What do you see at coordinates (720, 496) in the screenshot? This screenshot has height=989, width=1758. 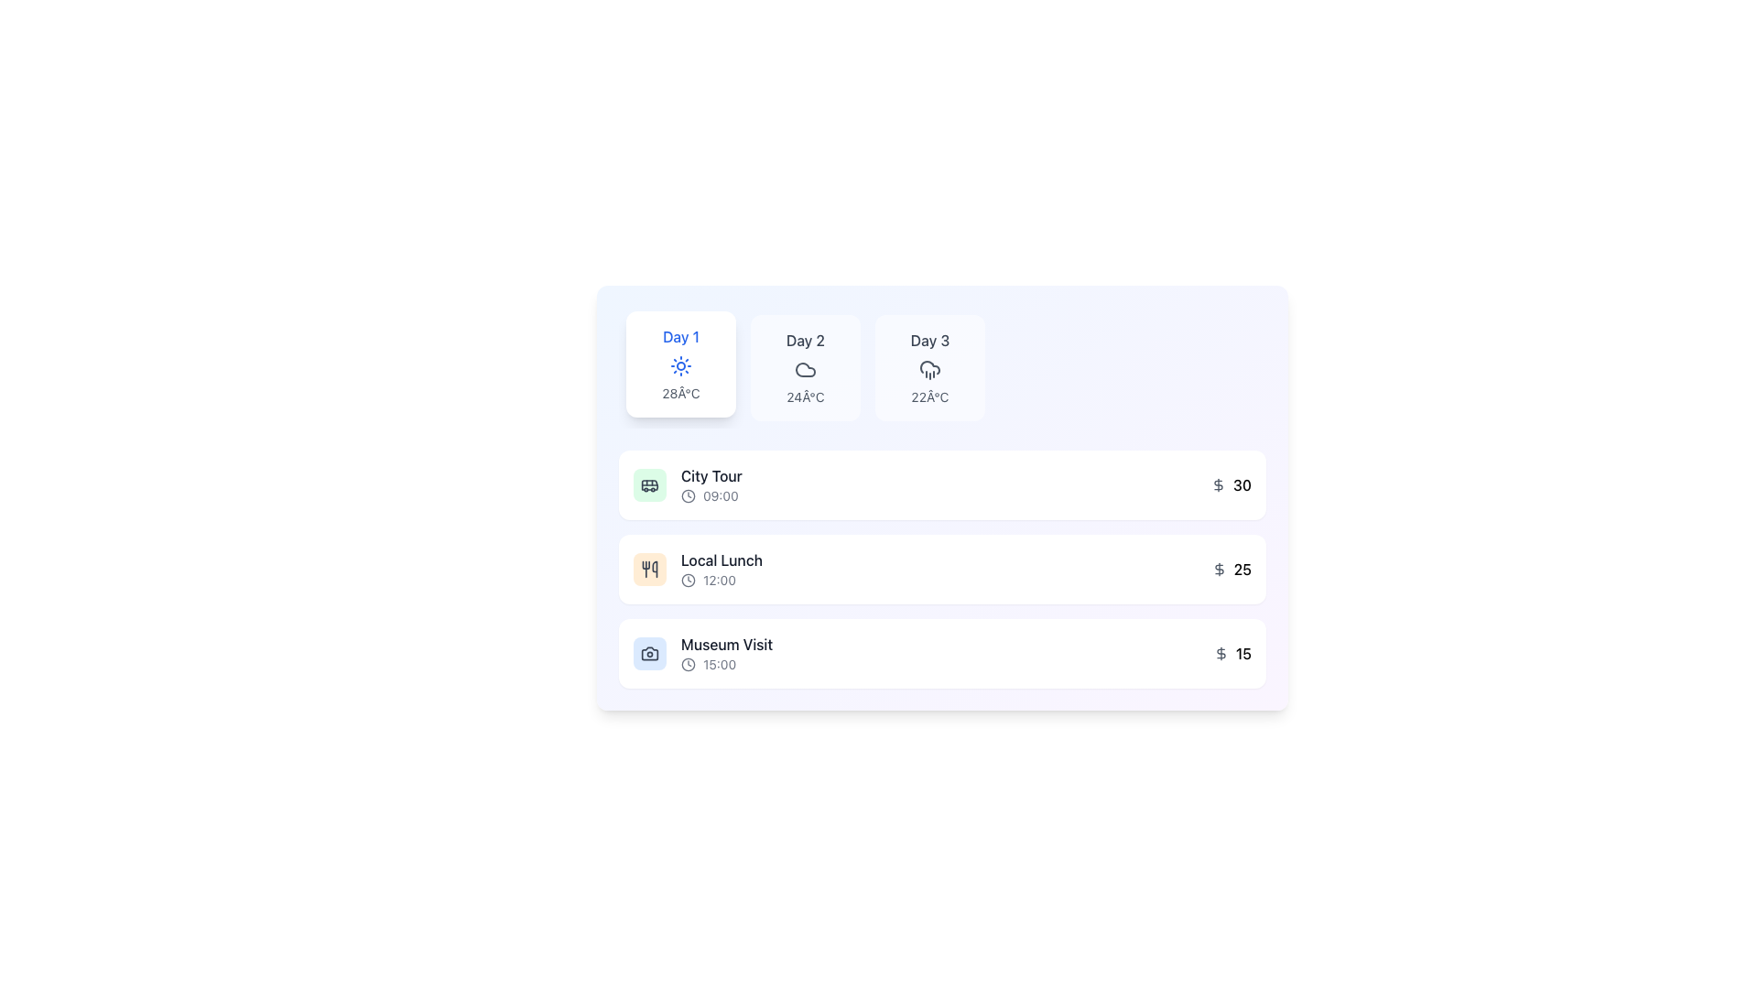 I see `the text label indicating the scheduled start time for the 'City Tour' activity, which is positioned to the right of a clock icon and is the first timing label in the list` at bounding box center [720, 496].